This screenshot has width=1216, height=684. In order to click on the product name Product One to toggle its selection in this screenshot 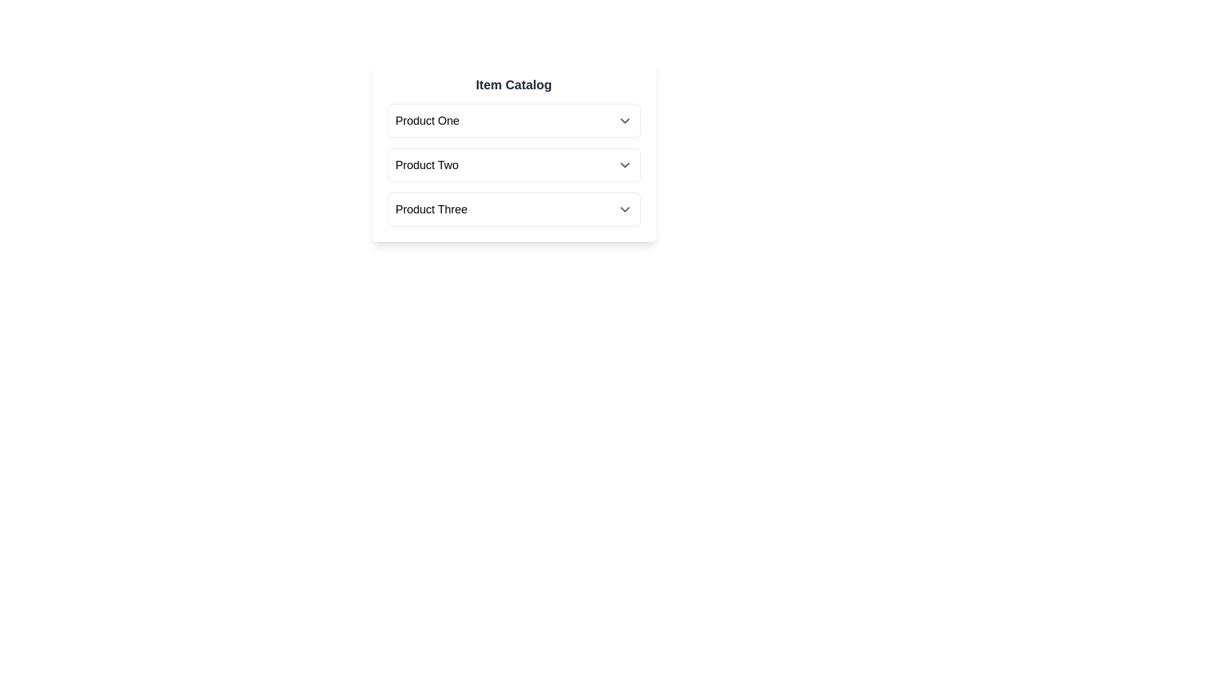, I will do `click(427, 121)`.